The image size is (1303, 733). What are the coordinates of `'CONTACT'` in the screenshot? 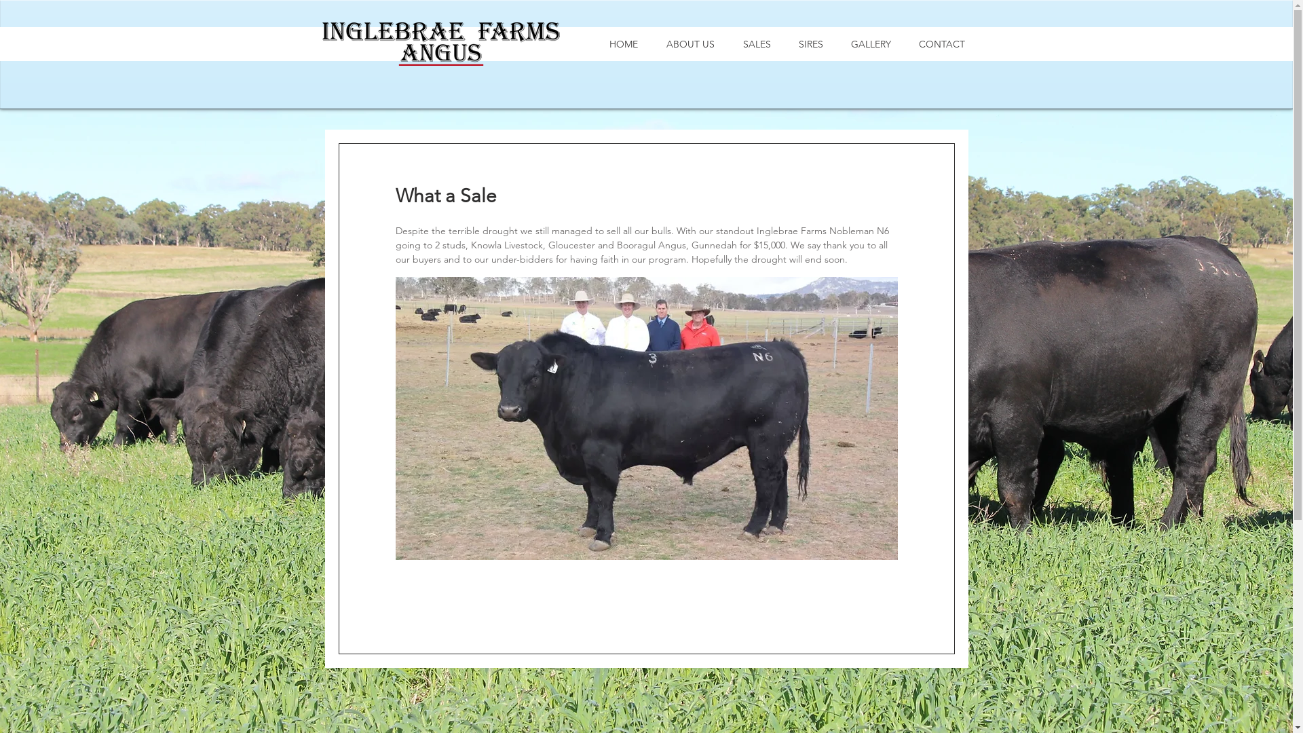 It's located at (941, 43).